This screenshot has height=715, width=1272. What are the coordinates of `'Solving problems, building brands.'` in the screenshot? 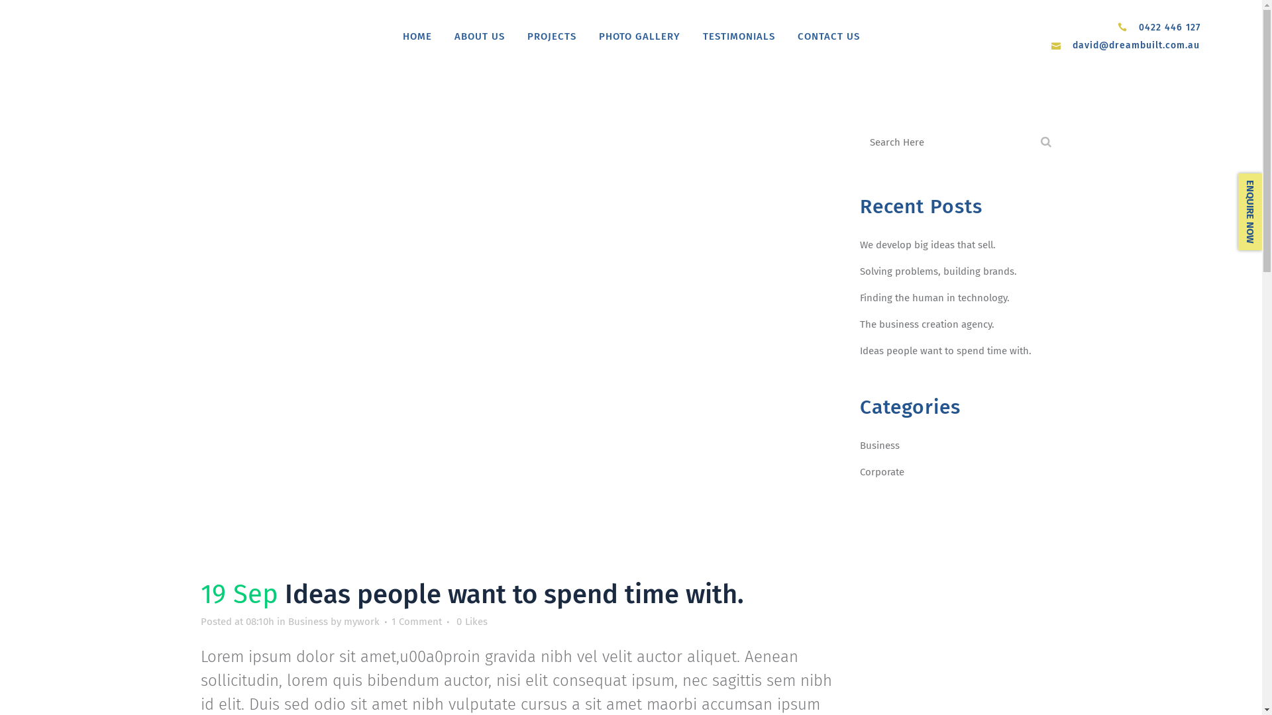 It's located at (859, 270).